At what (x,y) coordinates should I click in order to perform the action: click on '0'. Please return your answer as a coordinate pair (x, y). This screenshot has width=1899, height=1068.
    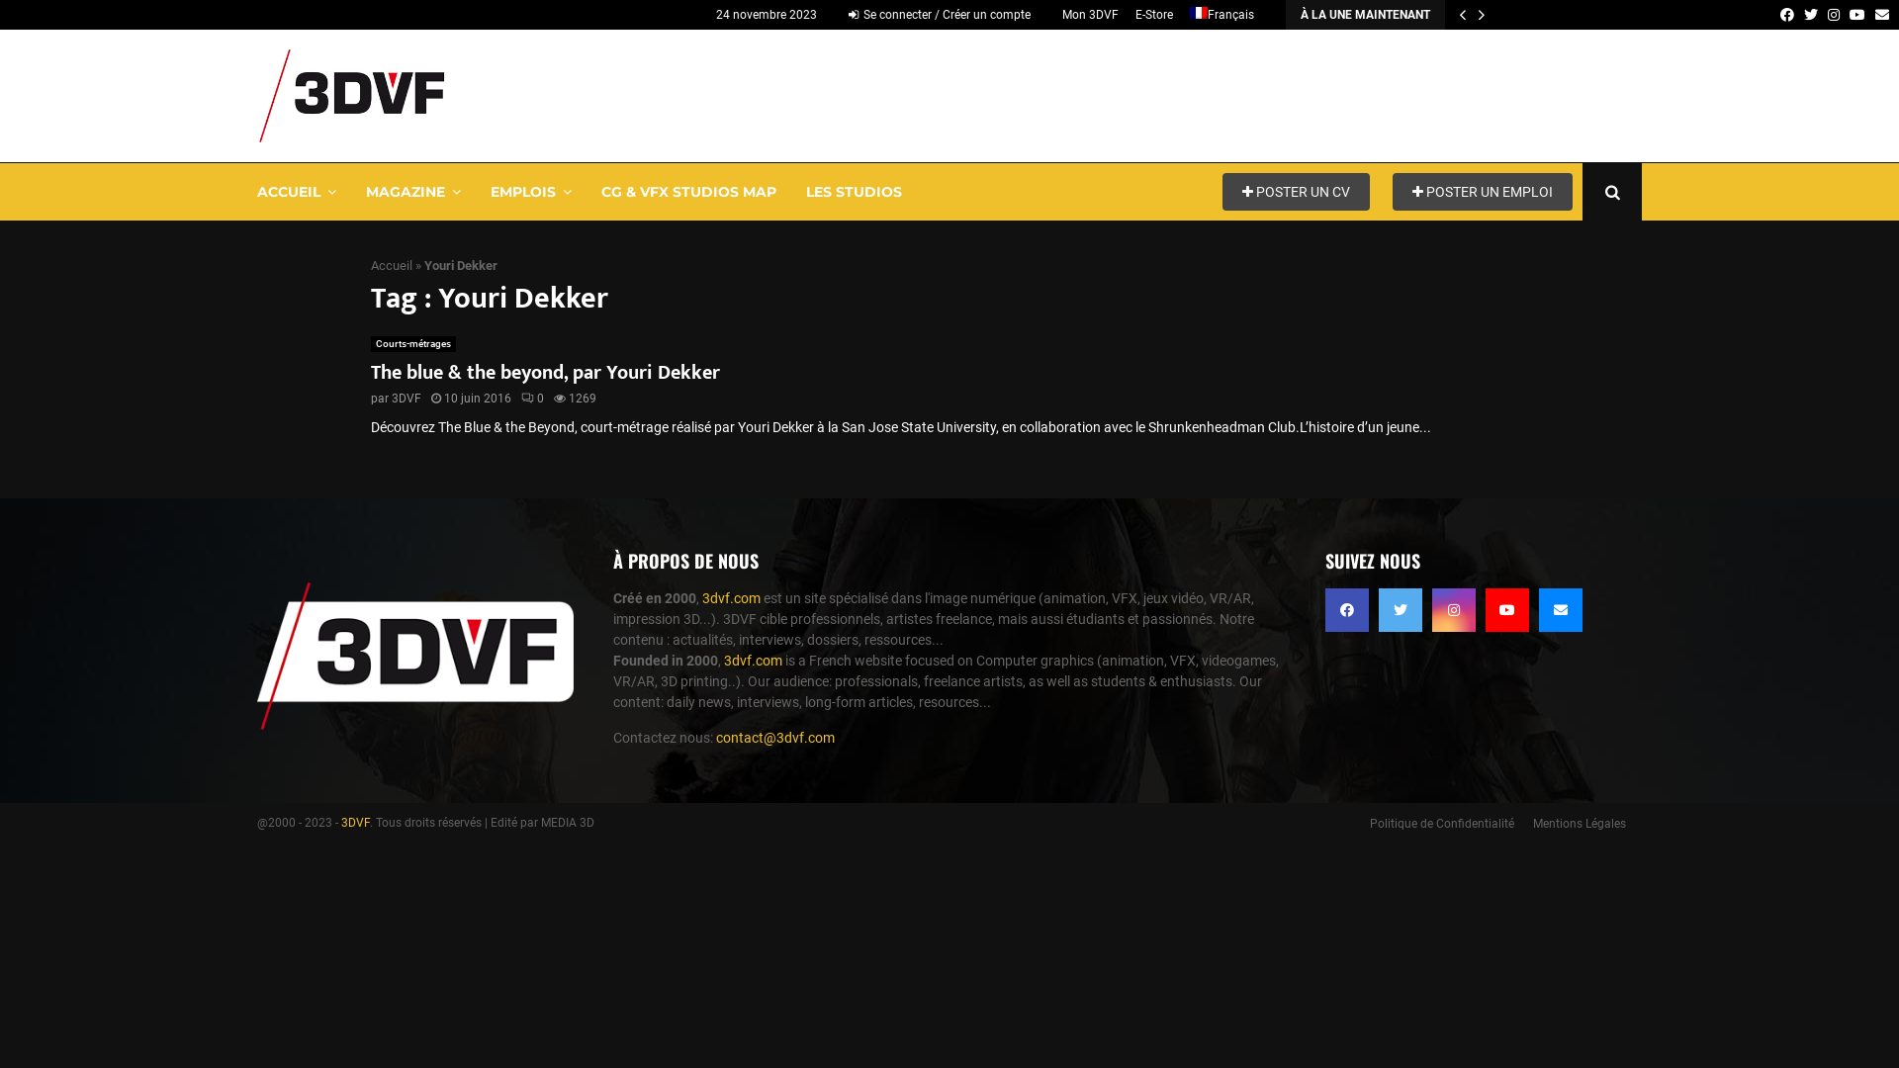
    Looking at the image, I should click on (532, 398).